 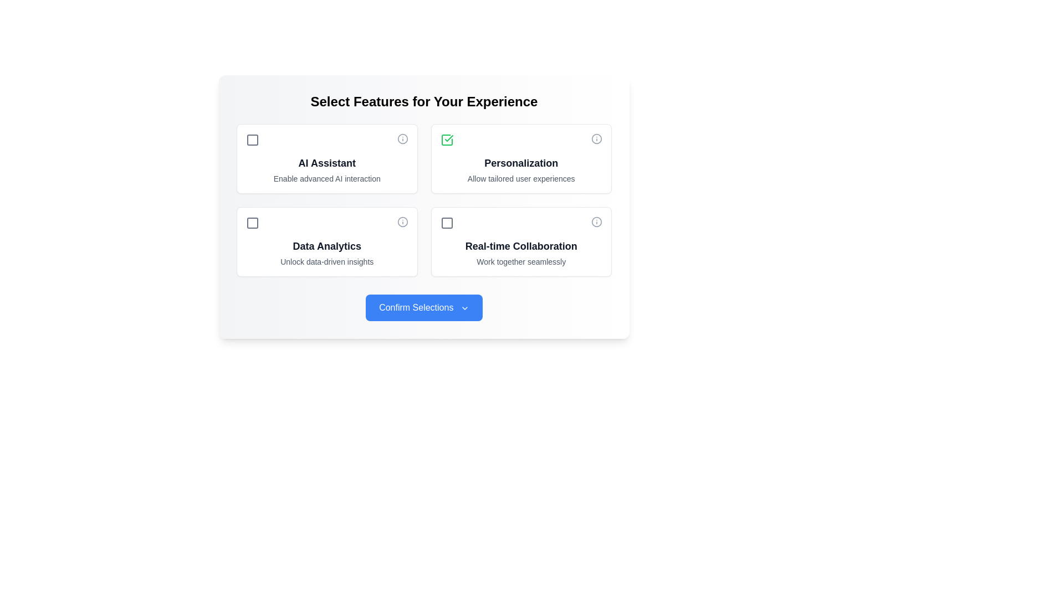 What do you see at coordinates (402, 138) in the screenshot?
I see `the circular 'info' icon with a gray border located in the top-right corner of the 'AI Assistant' feature choice card` at bounding box center [402, 138].